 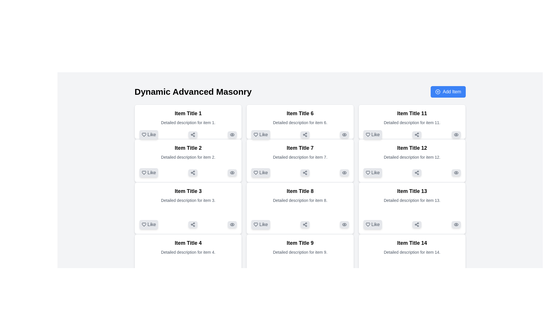 What do you see at coordinates (300, 208) in the screenshot?
I see `the 'Share' button located at the bottom of the Card component titled 'Item Title 8'` at bounding box center [300, 208].